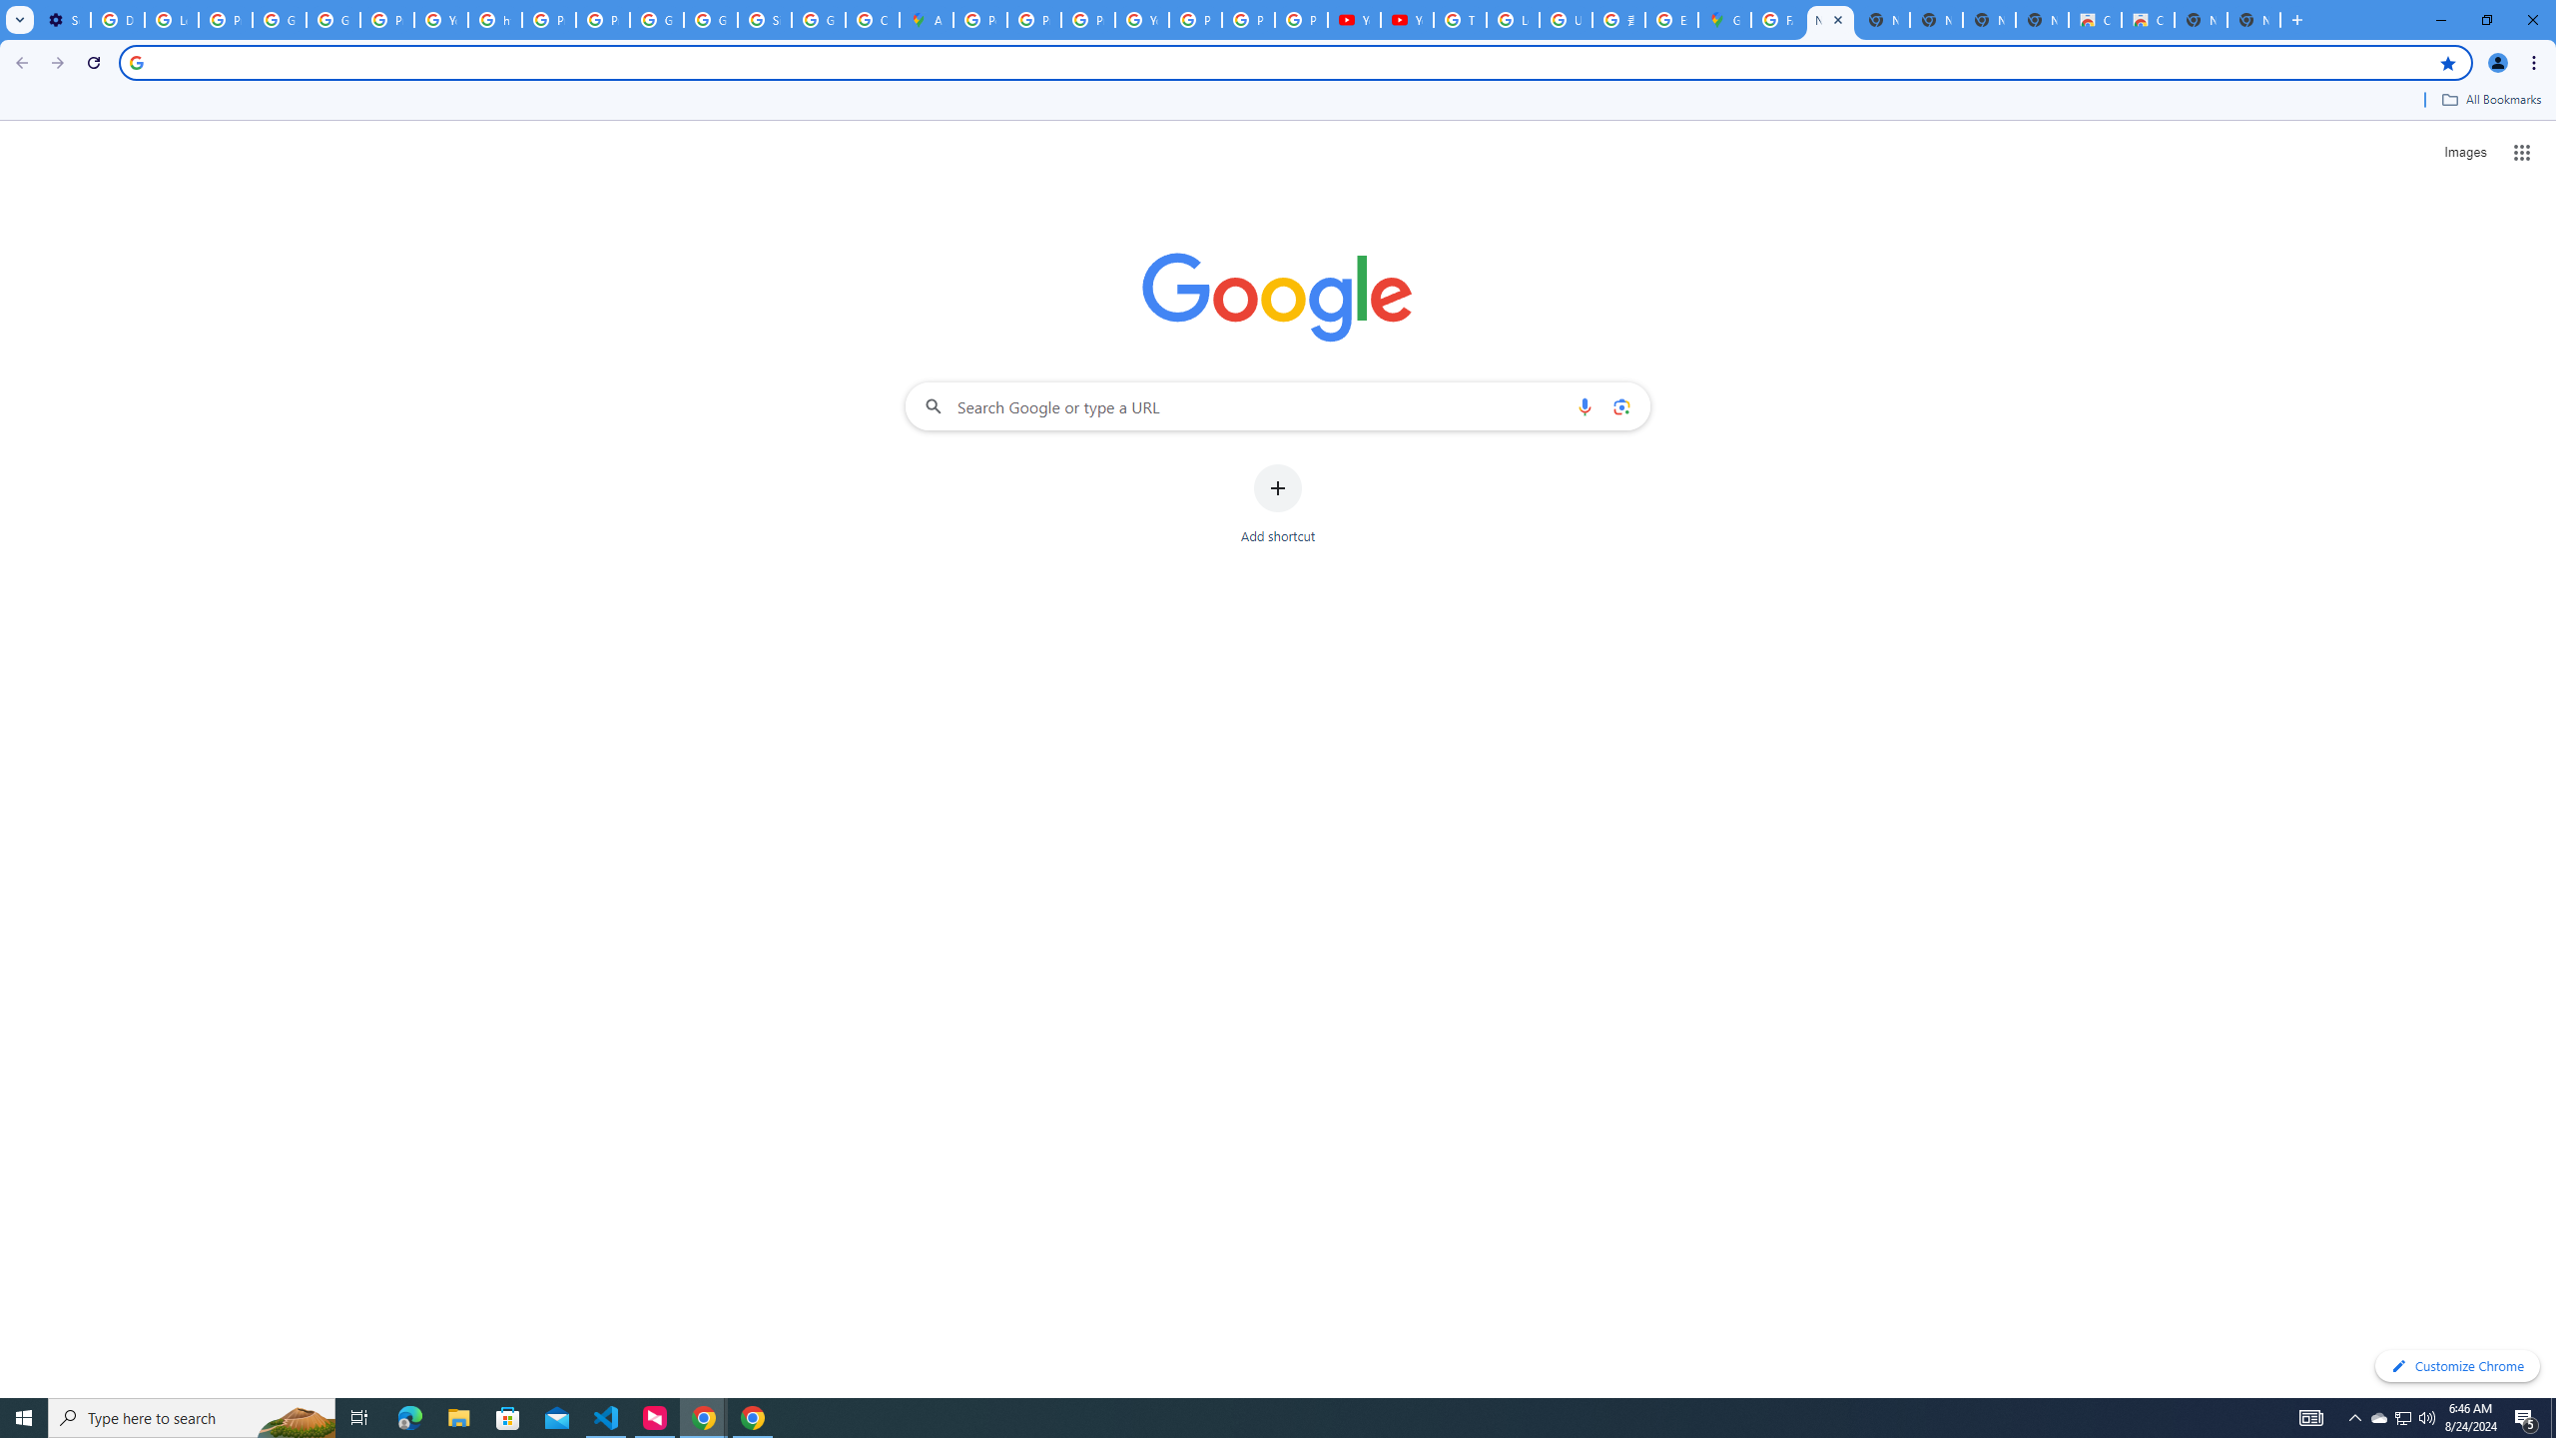 This screenshot has height=1438, width=2556. Describe the element at coordinates (1354, 19) in the screenshot. I see `'YouTube'` at that location.